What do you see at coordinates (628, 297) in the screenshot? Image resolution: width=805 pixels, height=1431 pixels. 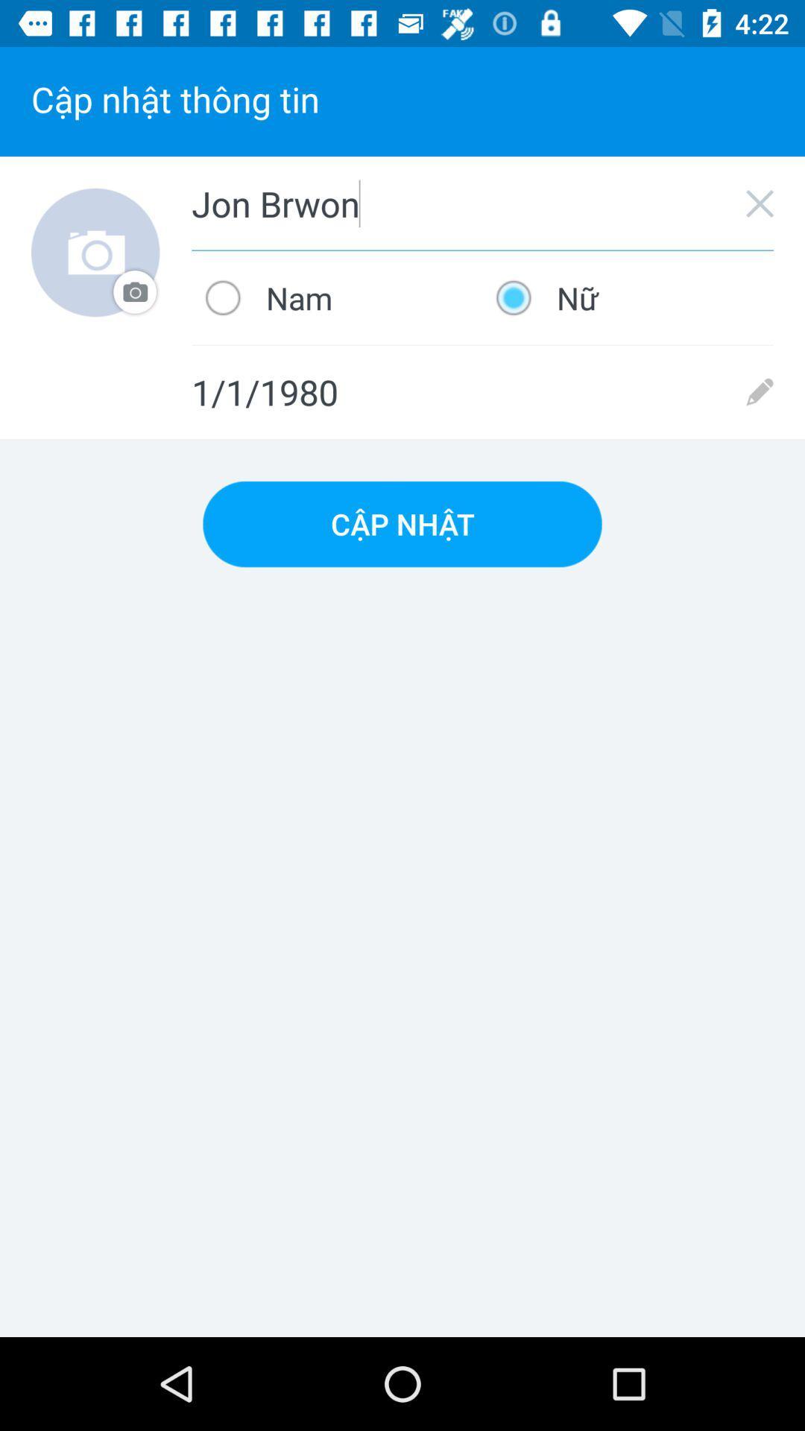 I see `the icon to the right of nam icon` at bounding box center [628, 297].